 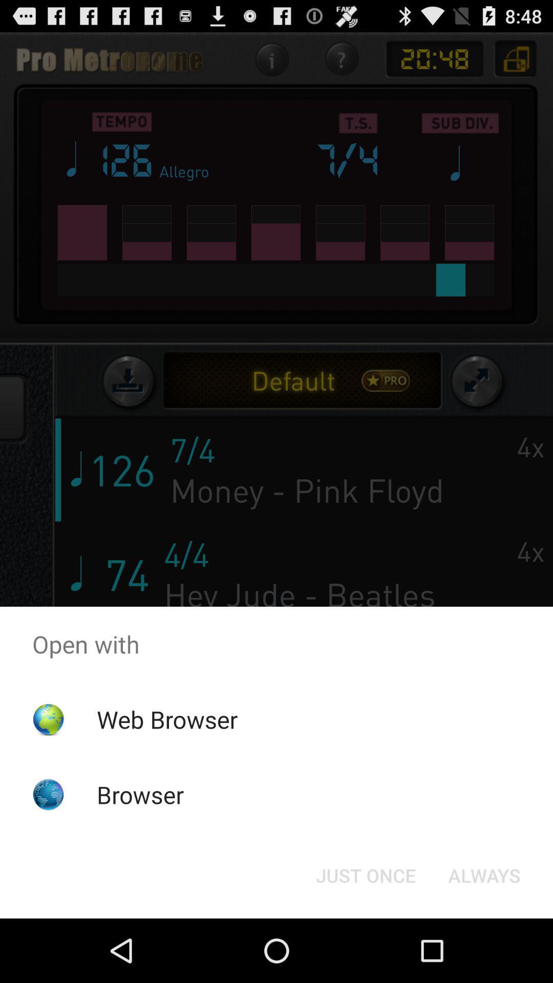 I want to click on always icon, so click(x=484, y=874).